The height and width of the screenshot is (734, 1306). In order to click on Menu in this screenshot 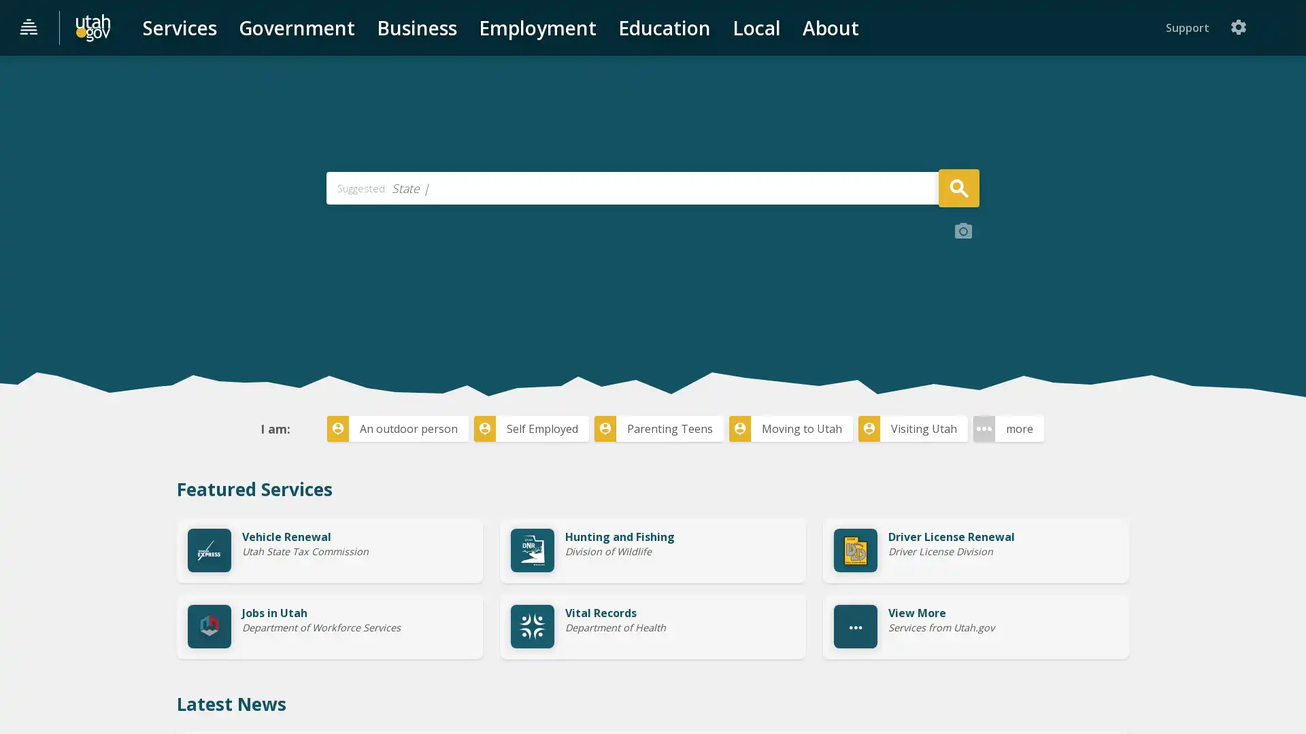, I will do `click(29, 28)`.